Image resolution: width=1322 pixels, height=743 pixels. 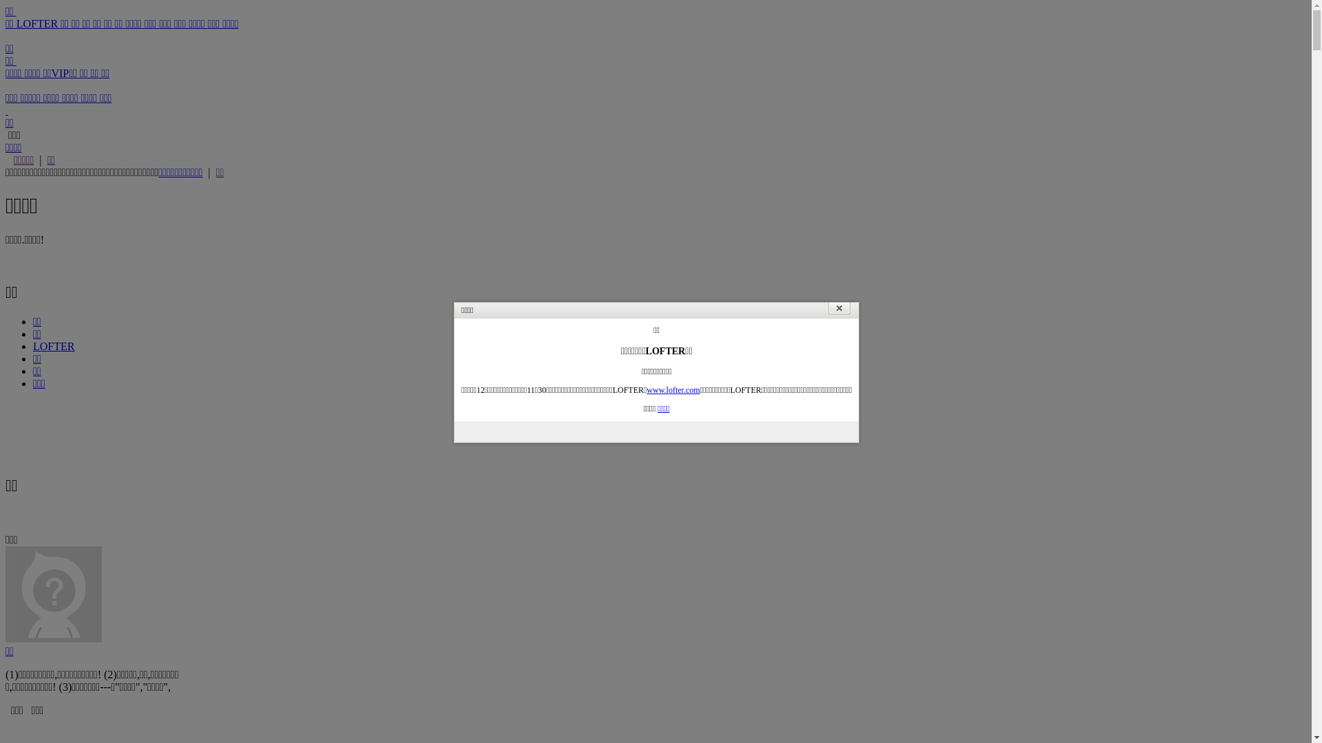 What do you see at coordinates (673, 390) in the screenshot?
I see `'www.lofter.com'` at bounding box center [673, 390].